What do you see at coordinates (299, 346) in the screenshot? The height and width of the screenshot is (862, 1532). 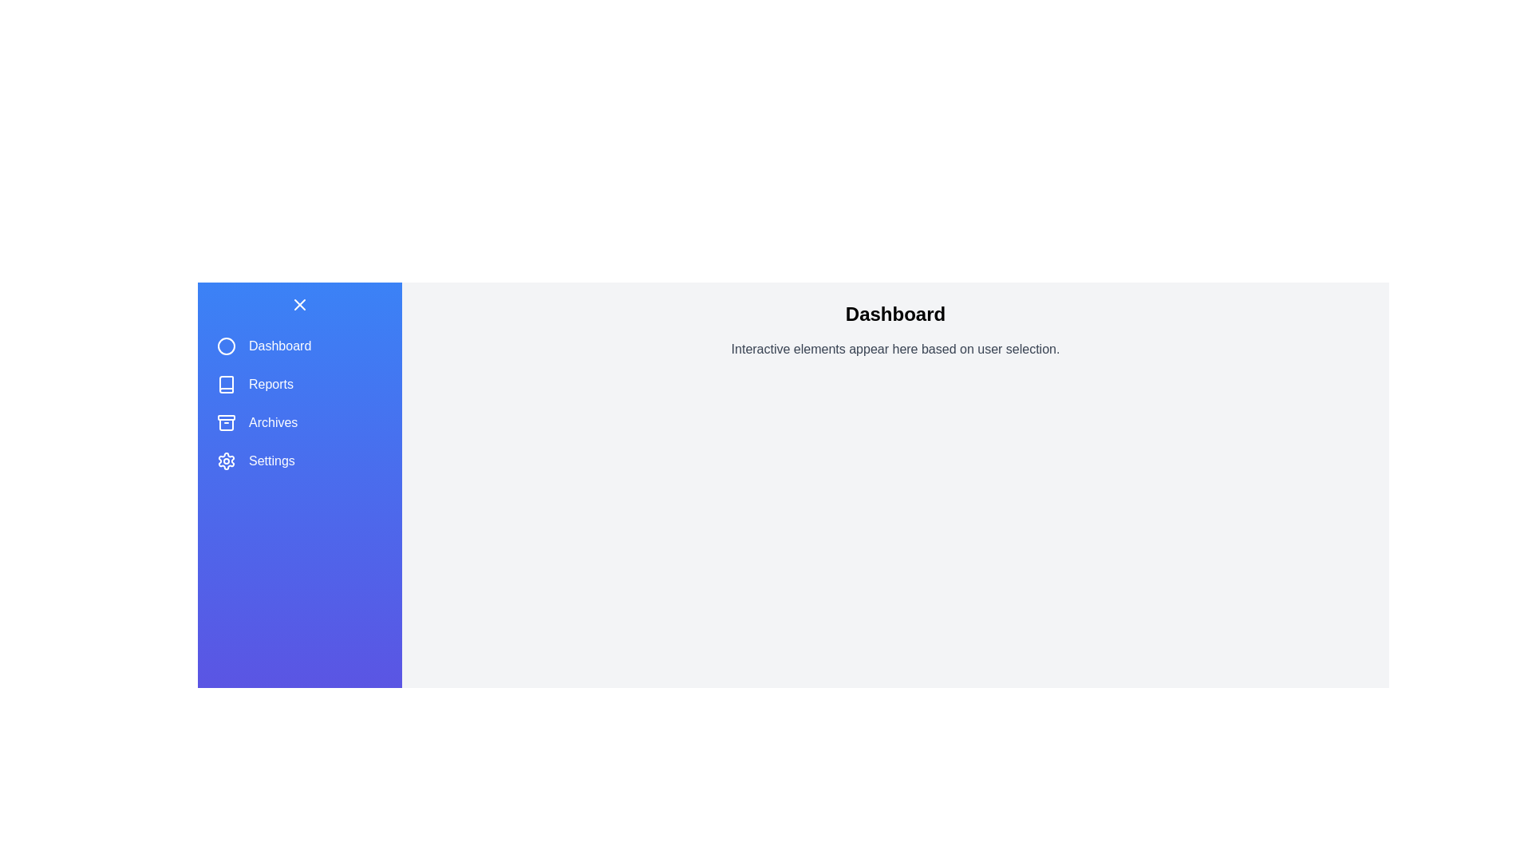 I see `the menu item Dashboard` at bounding box center [299, 346].